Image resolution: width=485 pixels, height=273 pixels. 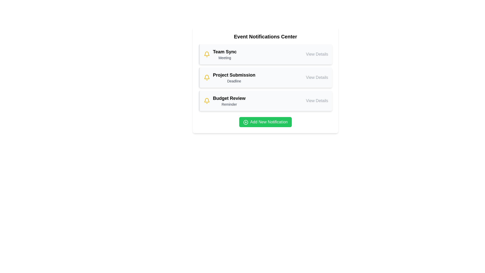 I want to click on the button located at the far right of the 'Project Submission' notification row, so click(x=317, y=78).